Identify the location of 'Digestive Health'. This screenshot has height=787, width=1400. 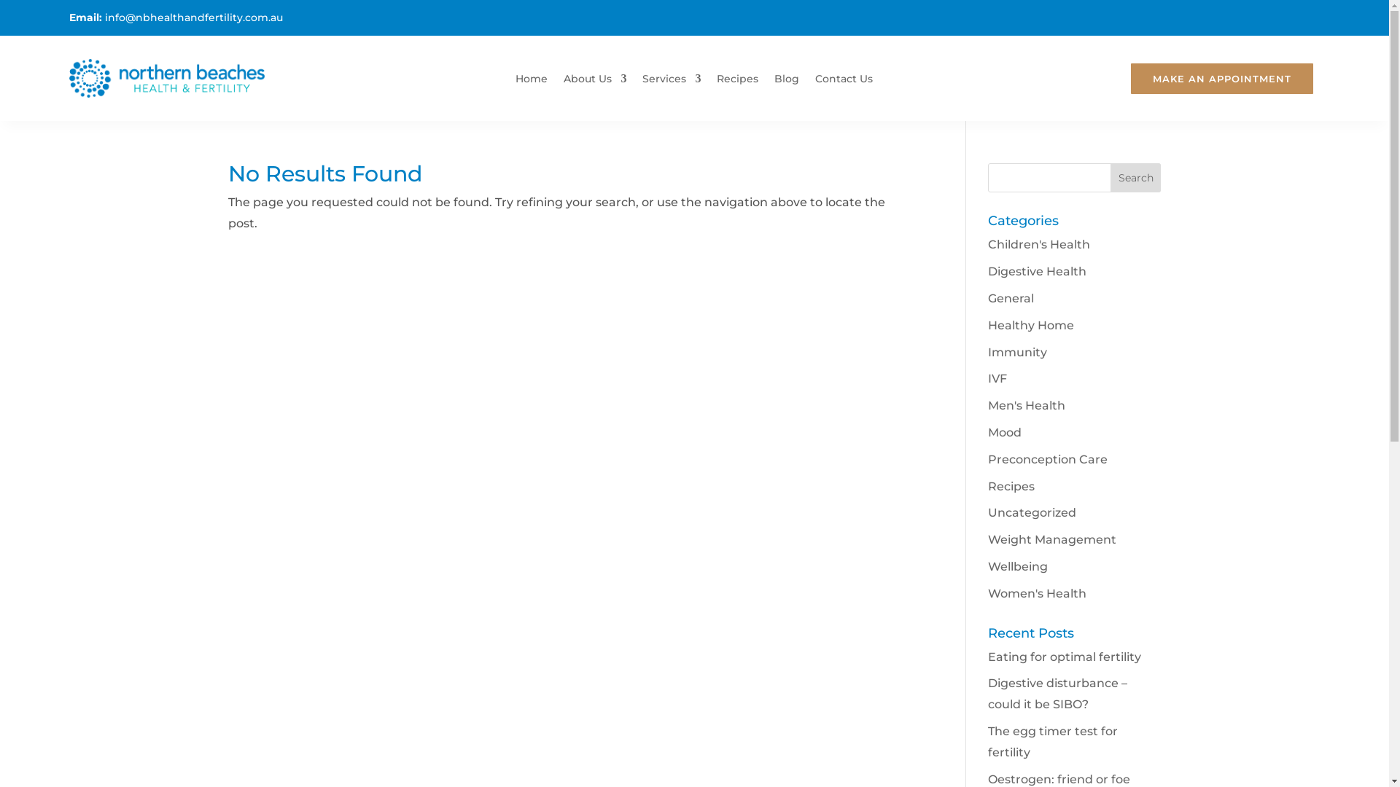
(1036, 271).